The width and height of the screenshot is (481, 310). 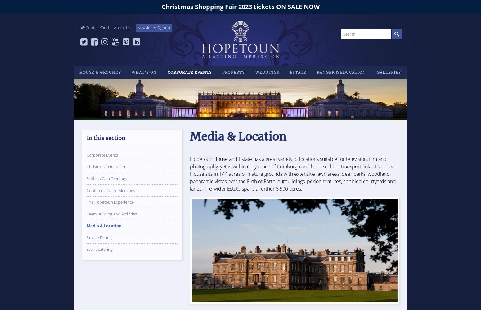 What do you see at coordinates (240, 7) in the screenshot?
I see `'Christmas Shopping Fair 2023 tickets ON SALE NOW'` at bounding box center [240, 7].